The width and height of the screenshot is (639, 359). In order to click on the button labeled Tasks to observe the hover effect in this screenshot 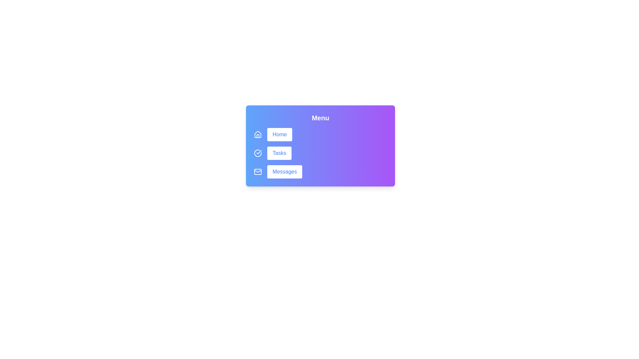, I will do `click(279, 153)`.